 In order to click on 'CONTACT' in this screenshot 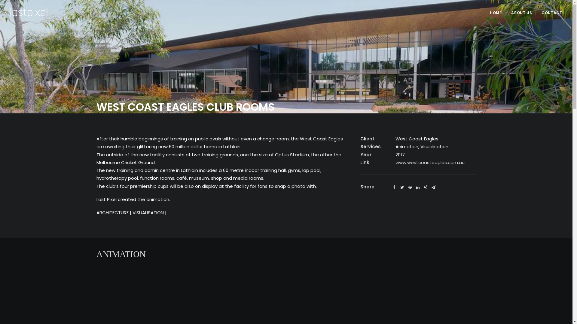, I will do `click(549, 13)`.